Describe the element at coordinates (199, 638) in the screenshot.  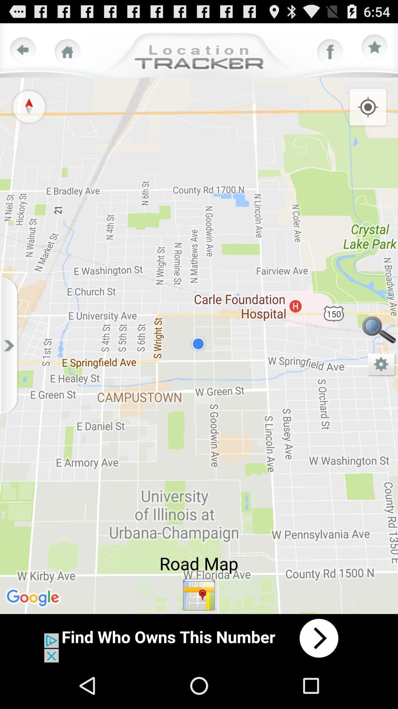
I see `click on advertisements` at that location.